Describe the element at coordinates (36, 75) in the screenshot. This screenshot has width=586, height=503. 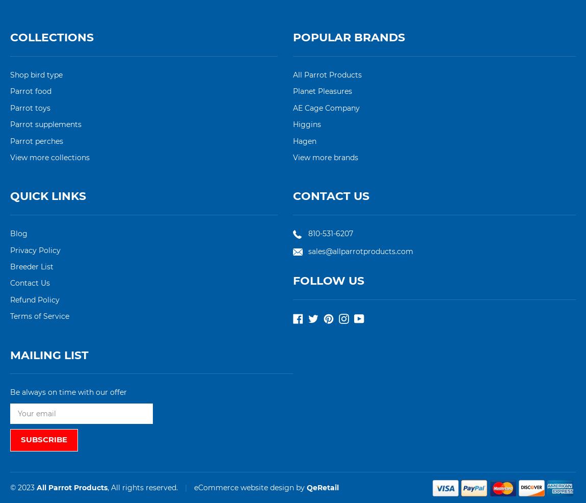
I see `'Shop bird type'` at that location.